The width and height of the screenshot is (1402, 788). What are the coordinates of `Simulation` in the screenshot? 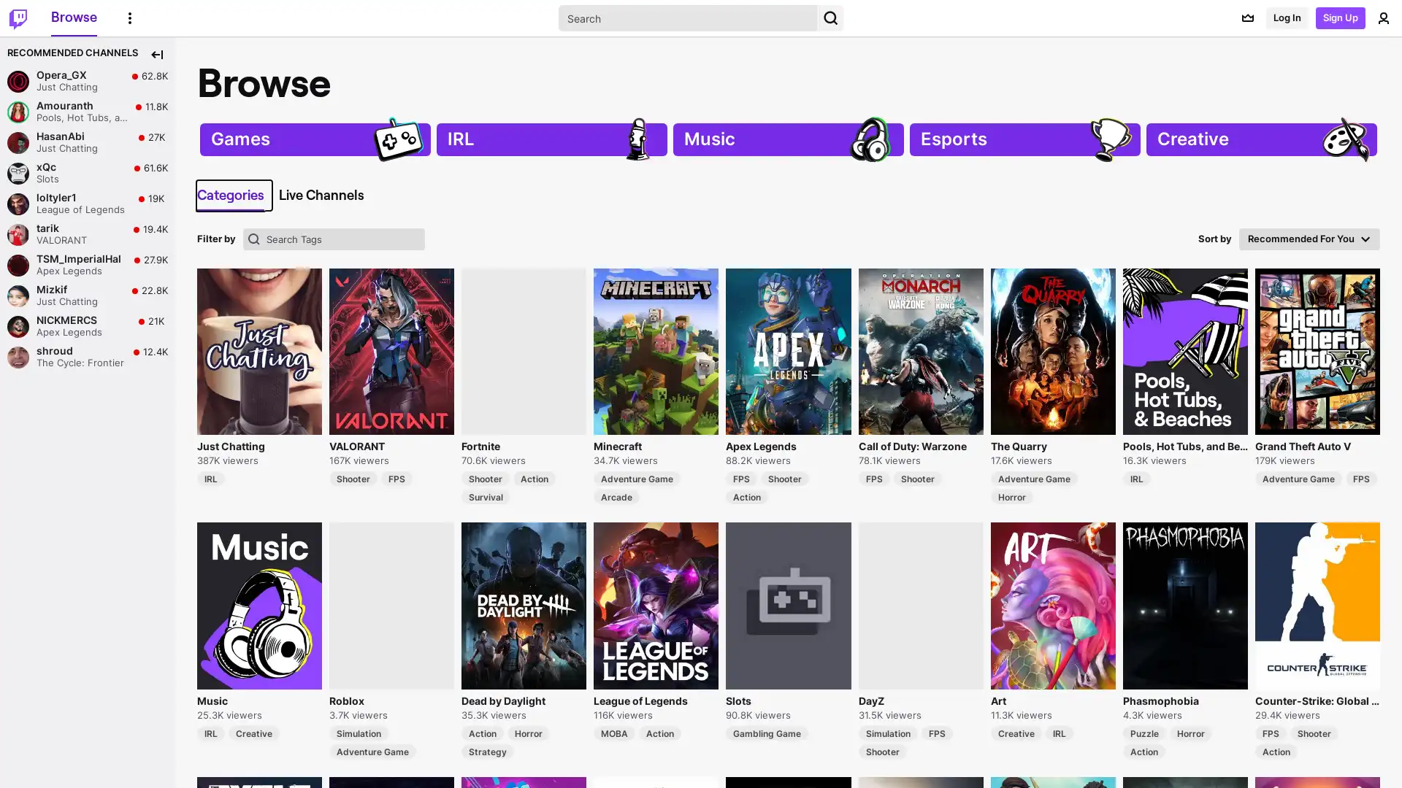 It's located at (886, 733).